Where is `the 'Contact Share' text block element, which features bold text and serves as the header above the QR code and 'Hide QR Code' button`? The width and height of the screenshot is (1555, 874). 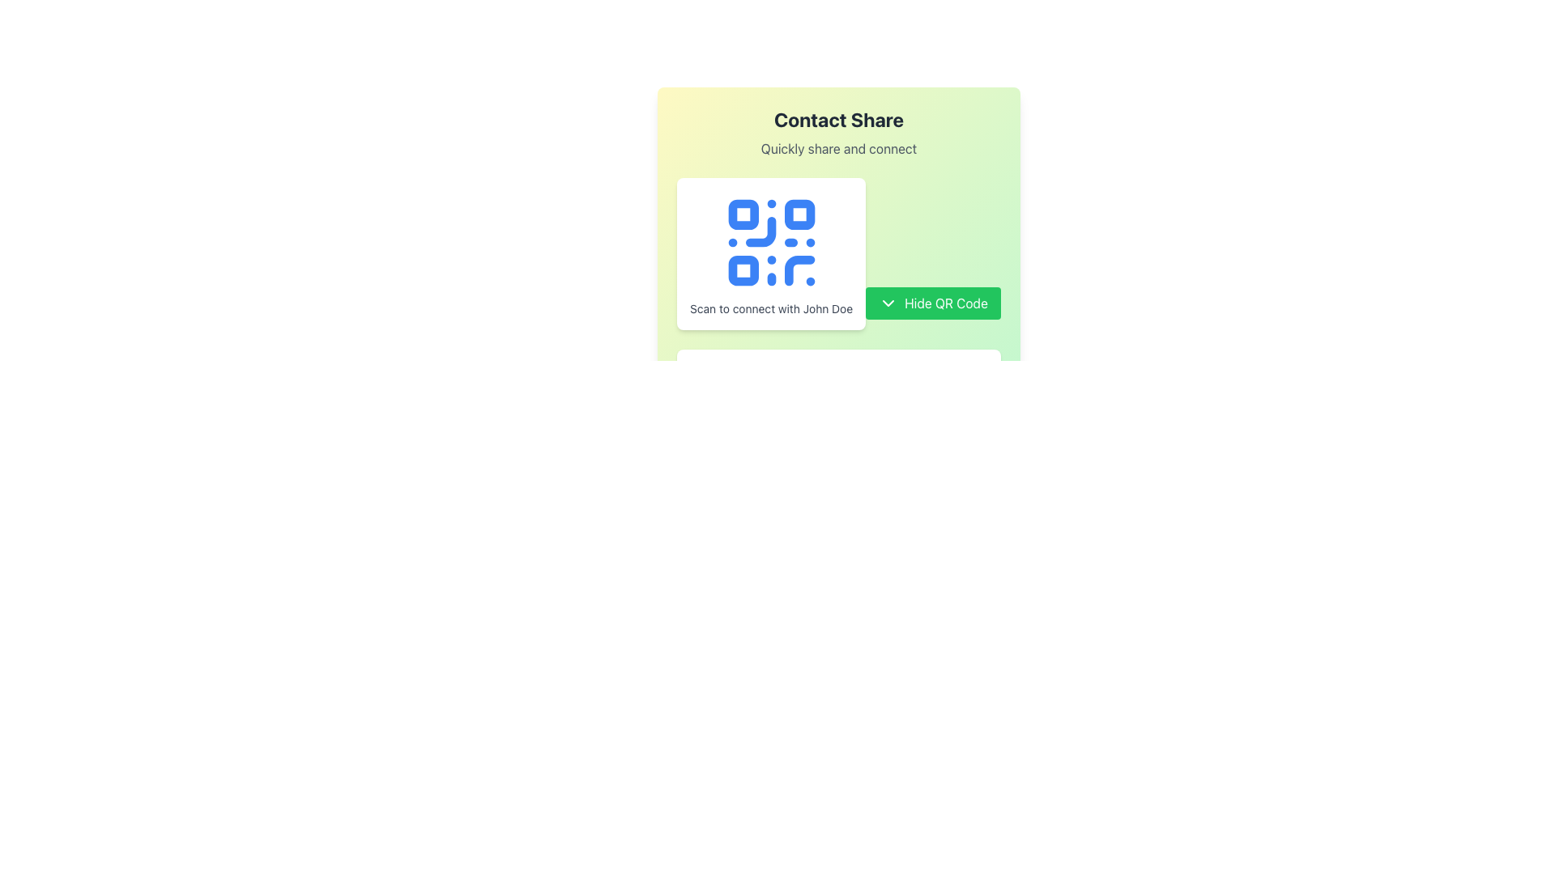
the 'Contact Share' text block element, which features bold text and serves as the header above the QR code and 'Hide QR Code' button is located at coordinates (839, 132).